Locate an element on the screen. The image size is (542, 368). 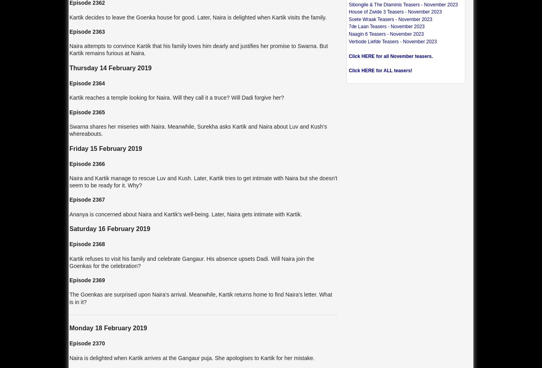
'Naira is delighted when Kartik arrives at the Gangaur puja. She apologises to Kartik for her mistake.' is located at coordinates (69, 358).